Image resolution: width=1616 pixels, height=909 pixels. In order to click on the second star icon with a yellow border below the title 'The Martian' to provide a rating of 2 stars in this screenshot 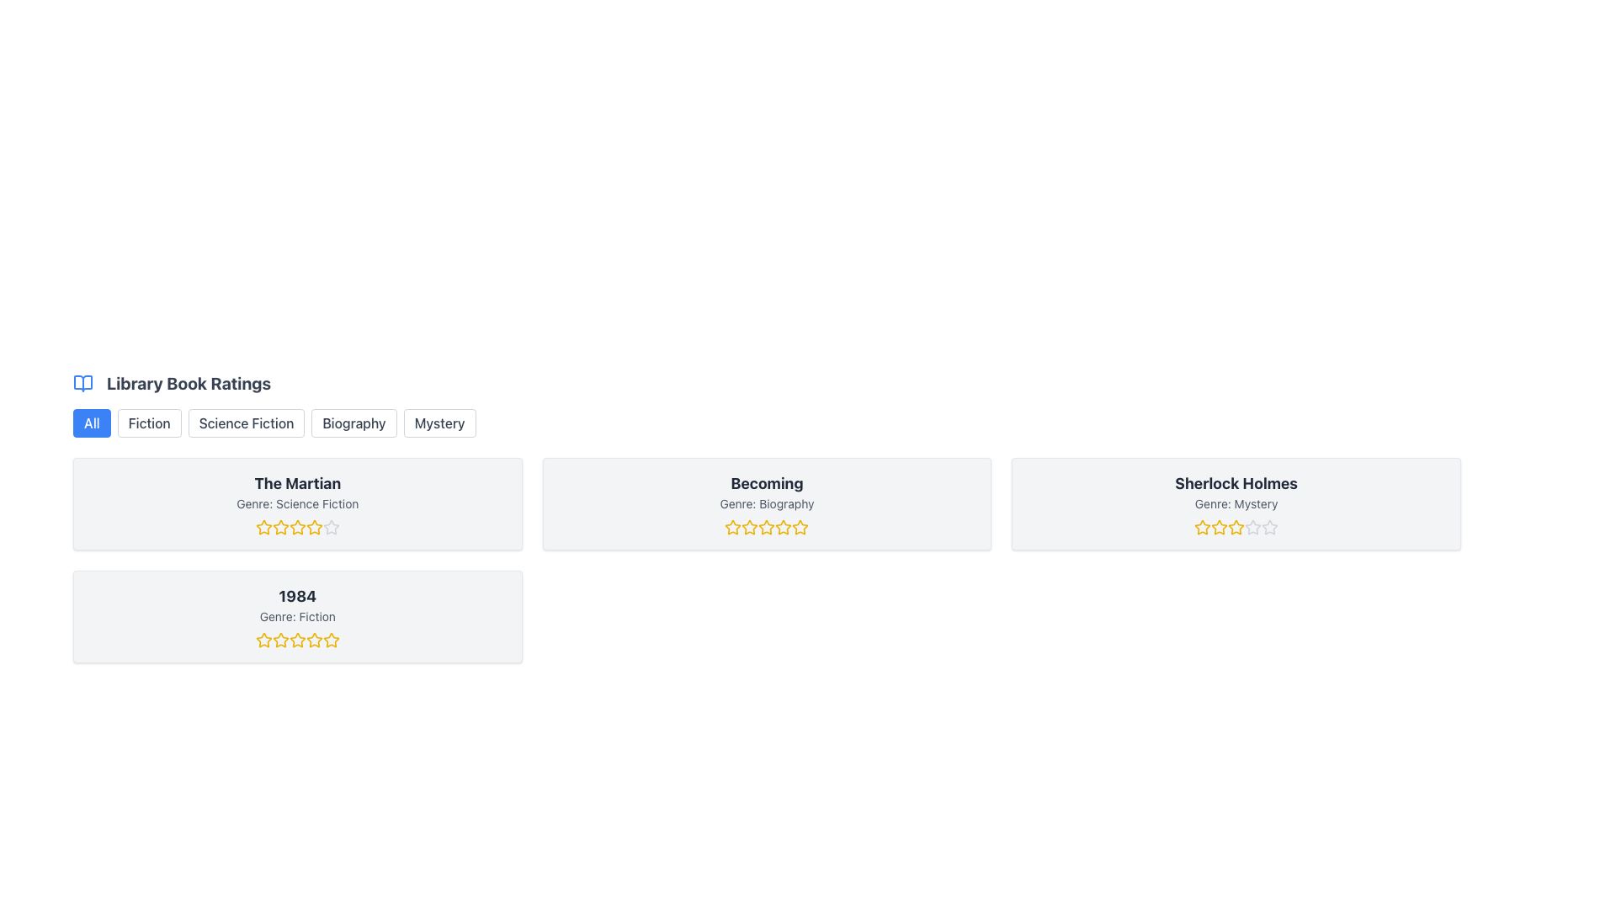, I will do `click(280, 526)`.